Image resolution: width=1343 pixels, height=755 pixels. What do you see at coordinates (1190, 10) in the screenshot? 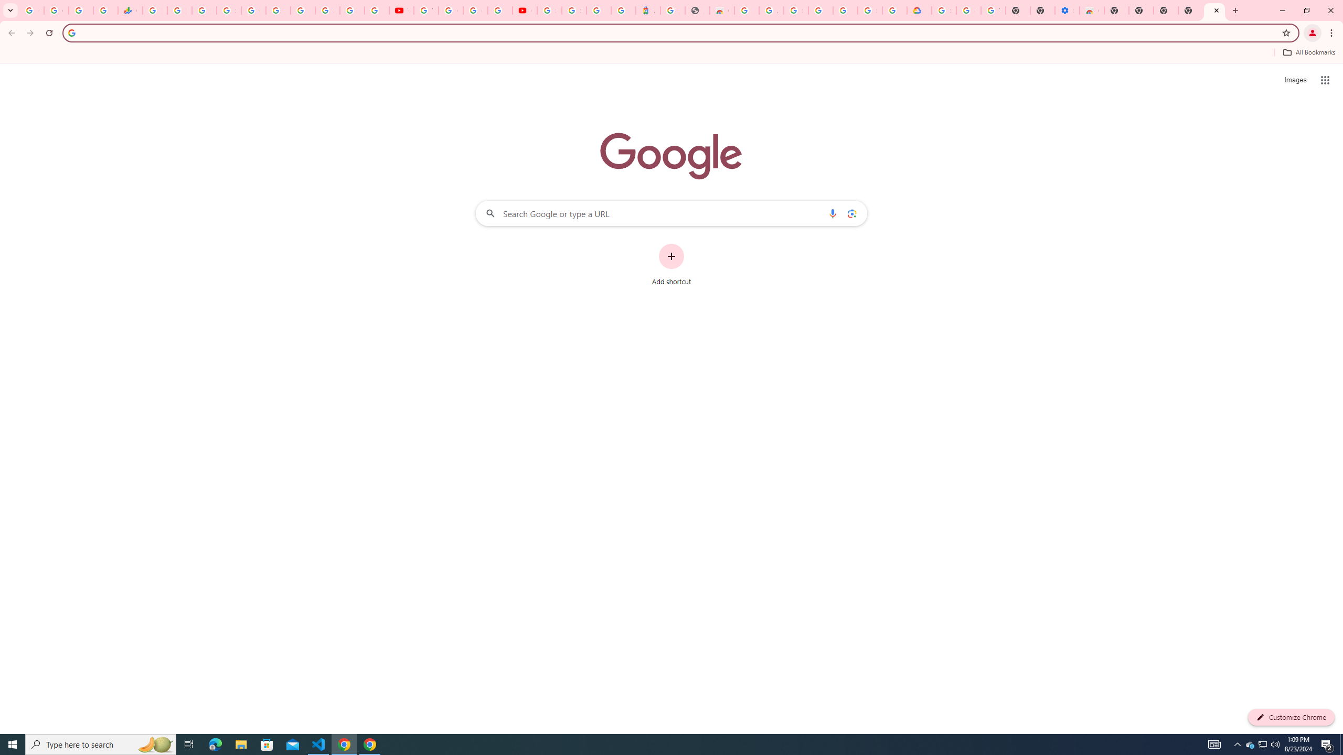
I see `'New Tab'` at bounding box center [1190, 10].